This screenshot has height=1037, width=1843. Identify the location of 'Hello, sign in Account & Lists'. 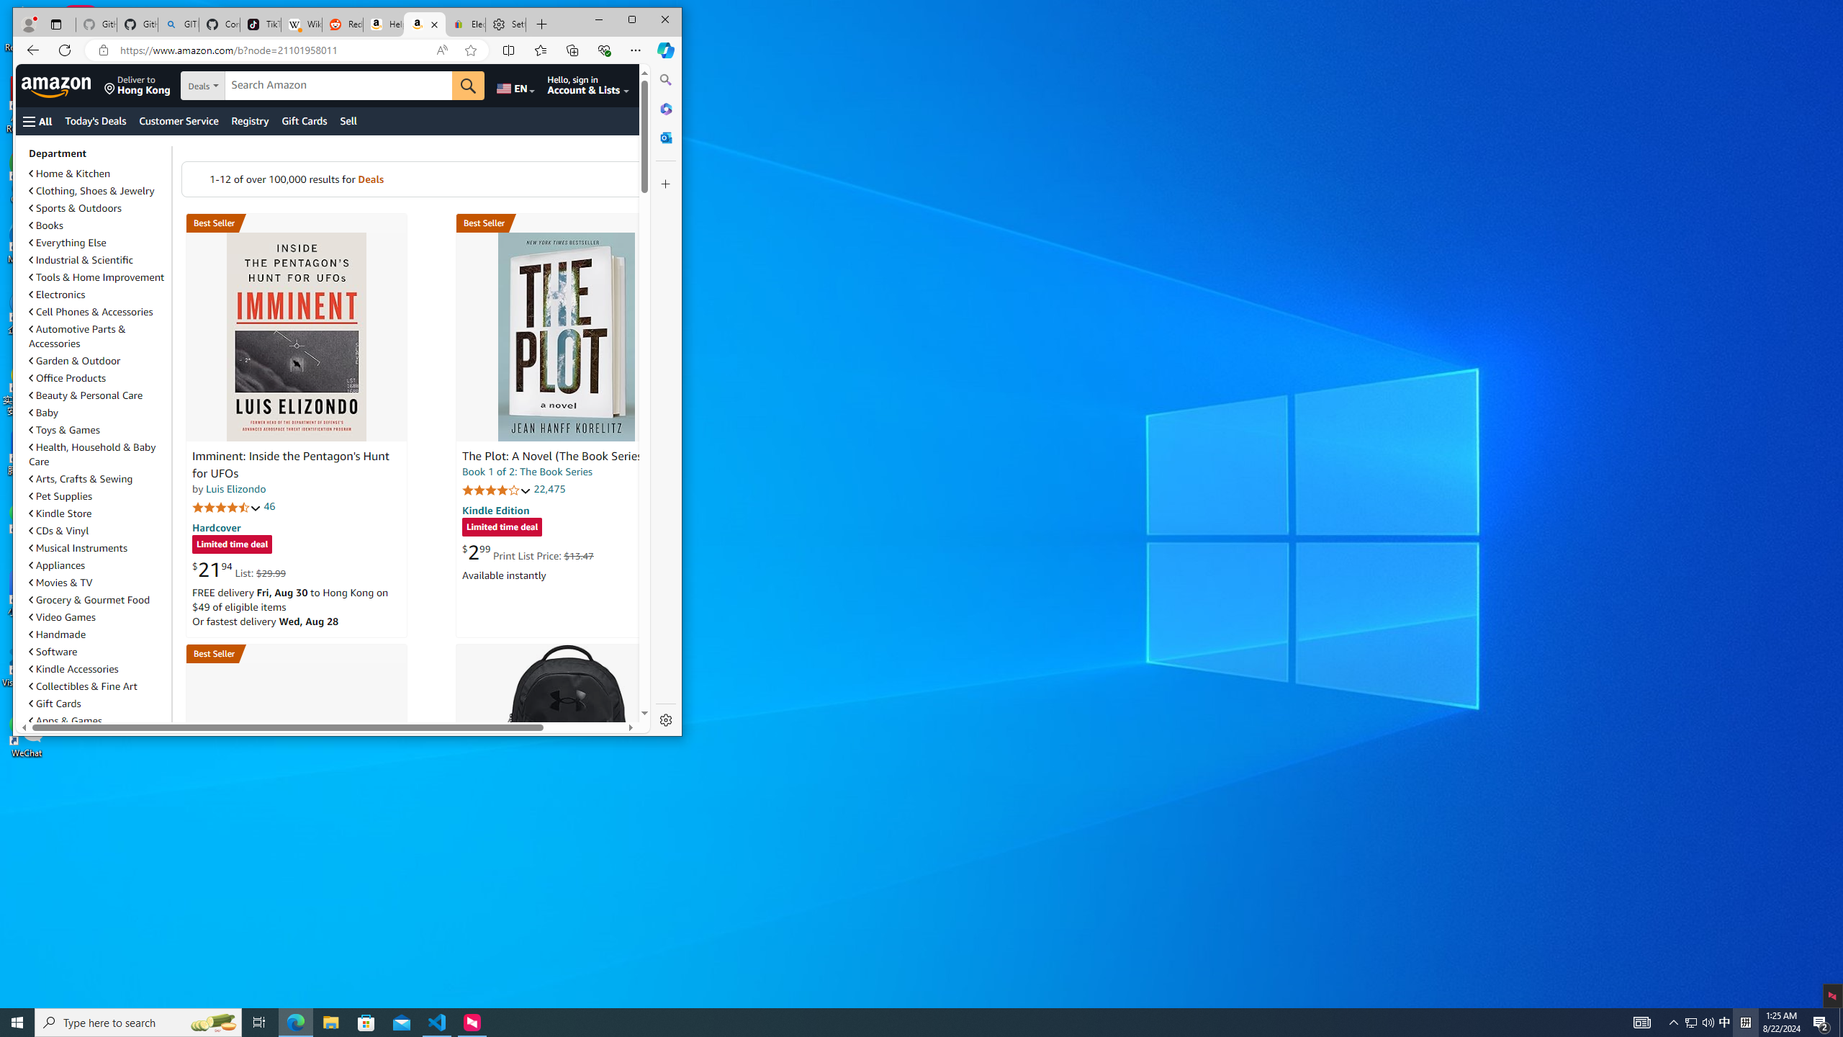
(587, 85).